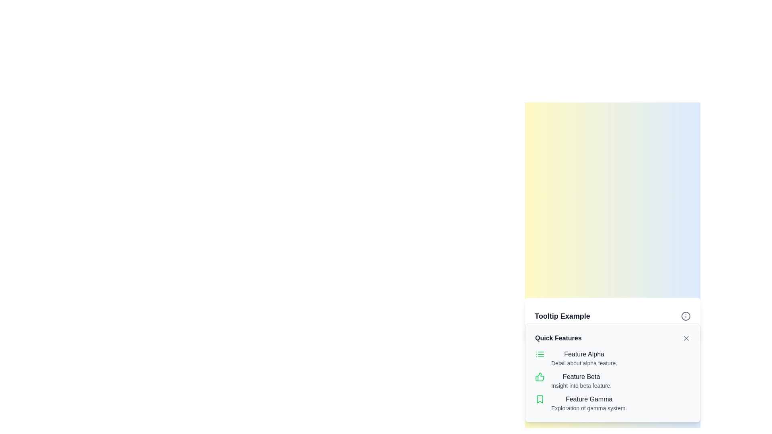 The image size is (772, 434). Describe the element at coordinates (540, 399) in the screenshot. I see `the bookmark icon located next to the 'Feature Gamma' label in the Quick Features section of the interface` at that location.